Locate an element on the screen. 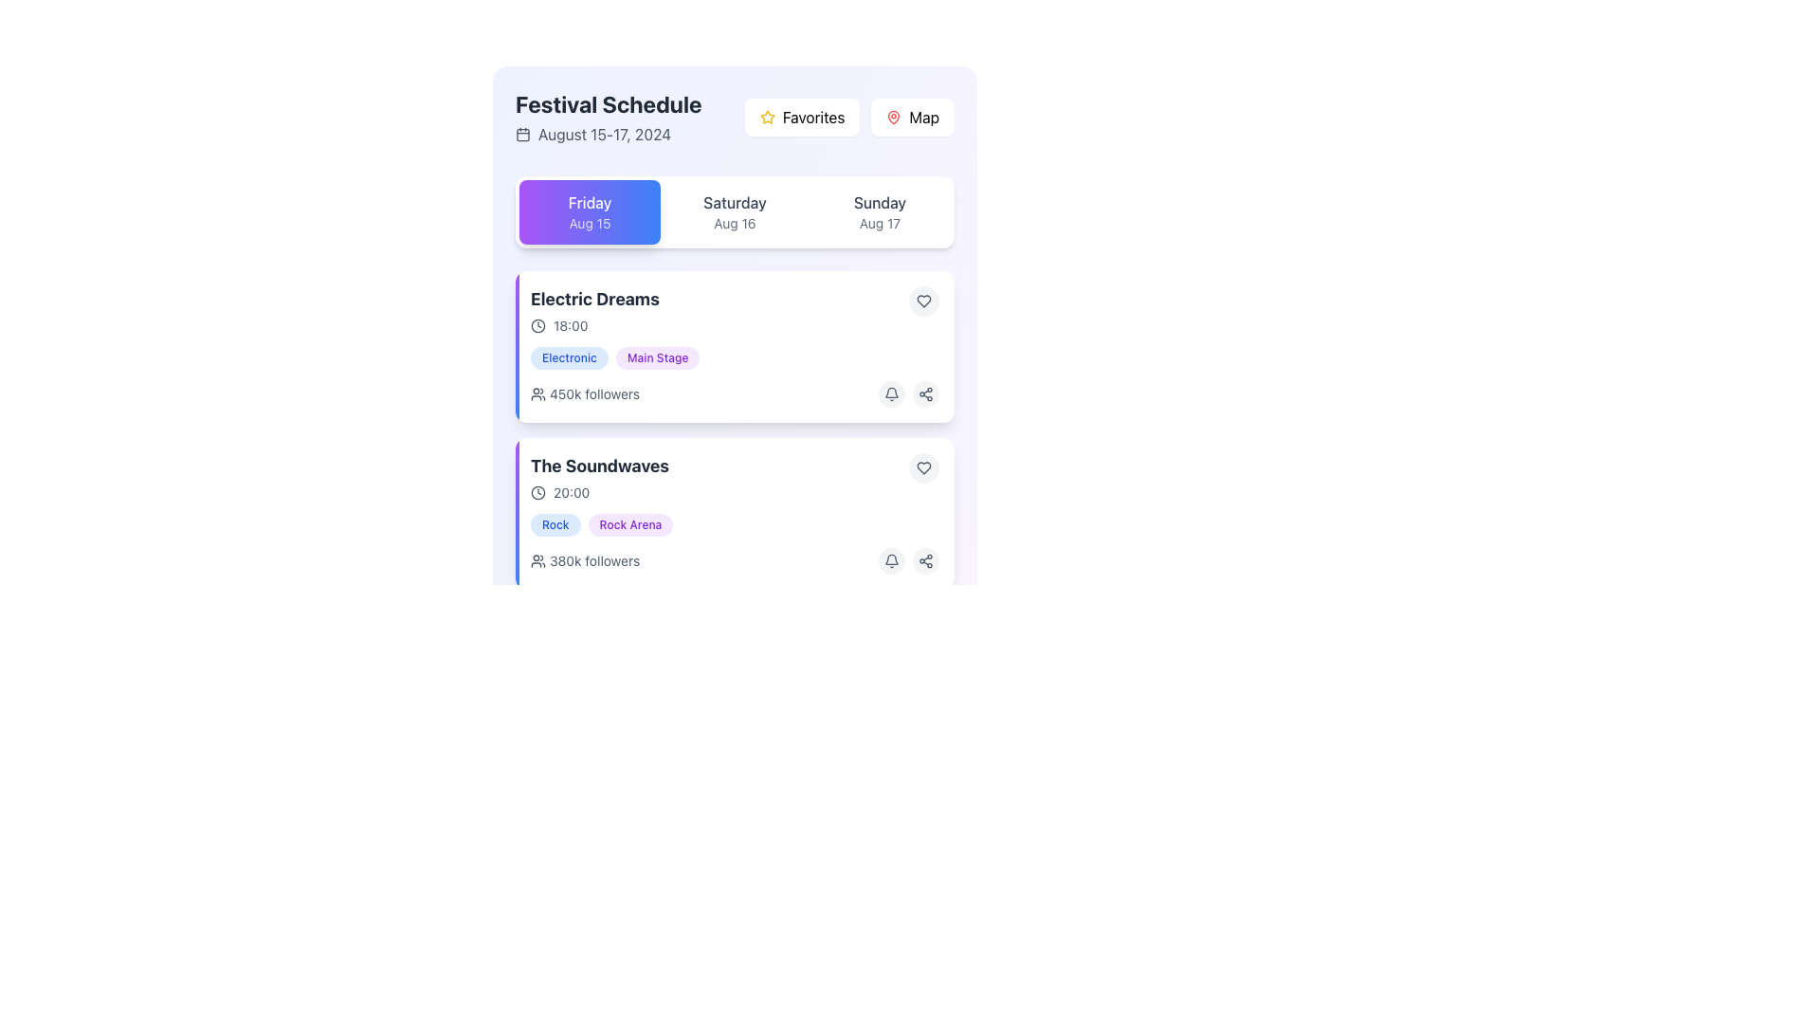 This screenshot has width=1820, height=1024. the followers icon located just before the text '380k followers' in the description section of the event titled 'The Soundwaves', which is in the second event card of the schedule is located at coordinates (537, 559).